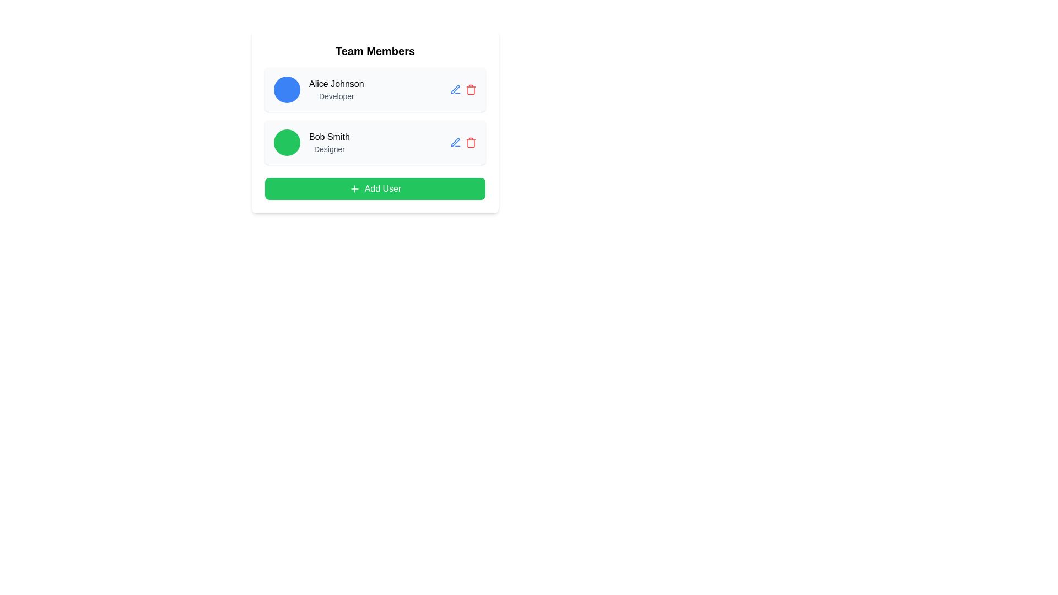 The width and height of the screenshot is (1058, 595). What do you see at coordinates (328, 142) in the screenshot?
I see `the text display element that identifies a team member, showing their name and role, located in the second row of the team members list, to the right of the user's avatar icon` at bounding box center [328, 142].